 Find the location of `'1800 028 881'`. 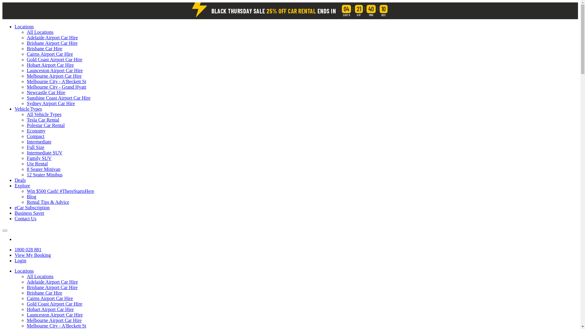

'1800 028 881' is located at coordinates (15, 249).